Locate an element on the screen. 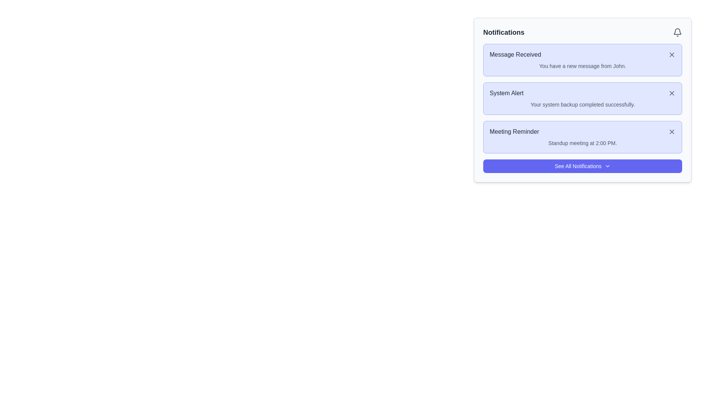  notification message displayed on the third Notification card, which informs about a scheduled meeting event ('Standup meeting at 2:00 PM.') located in the Notifications panel is located at coordinates (582, 137).